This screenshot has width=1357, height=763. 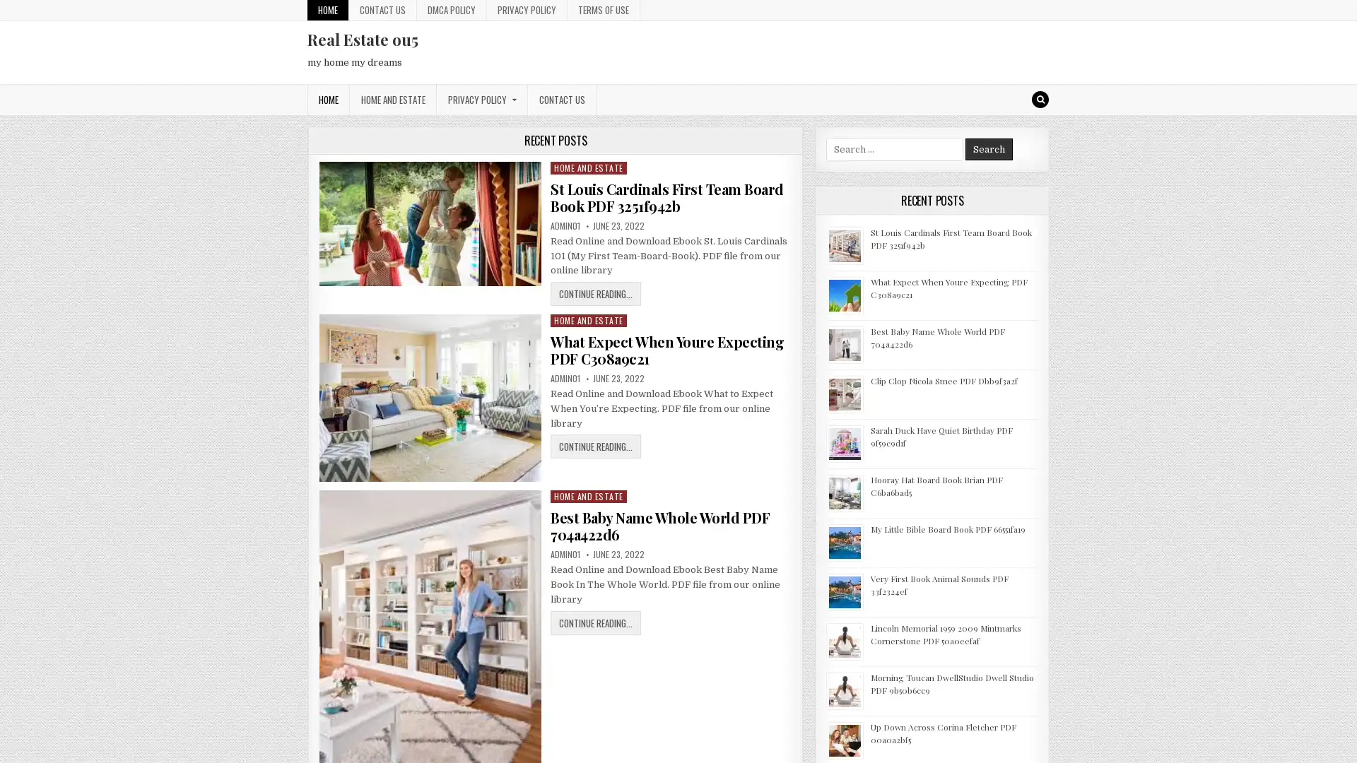 I want to click on Search, so click(x=988, y=149).